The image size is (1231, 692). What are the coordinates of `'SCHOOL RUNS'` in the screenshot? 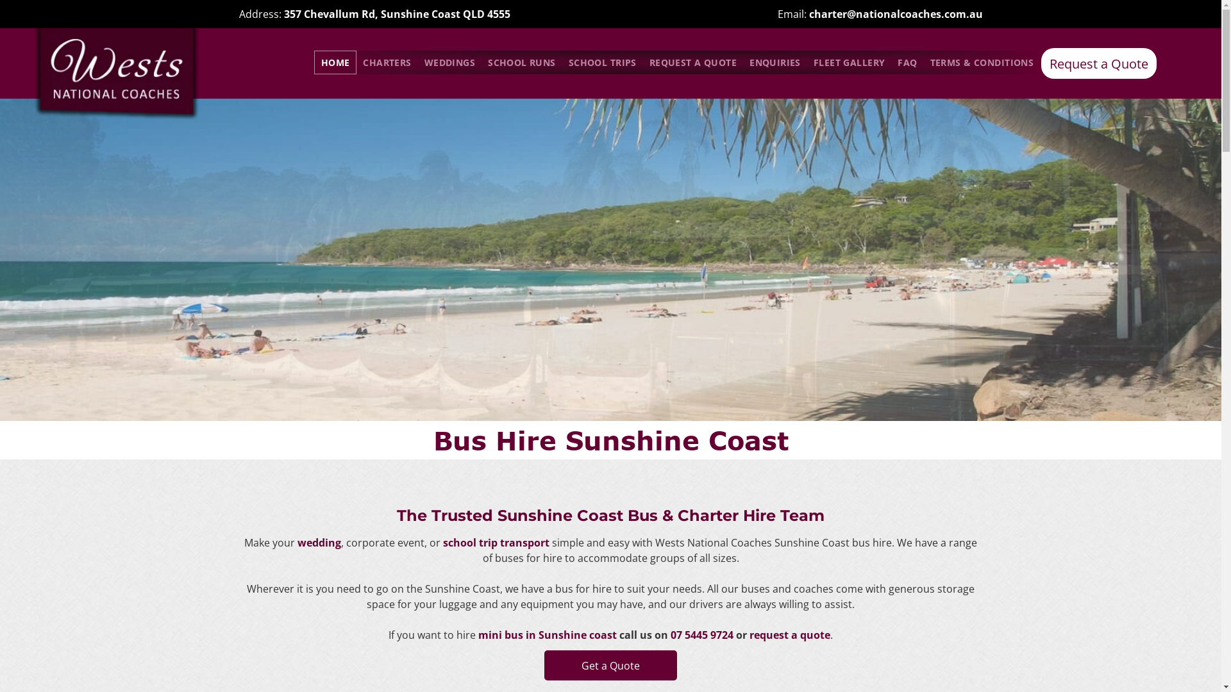 It's located at (480, 62).